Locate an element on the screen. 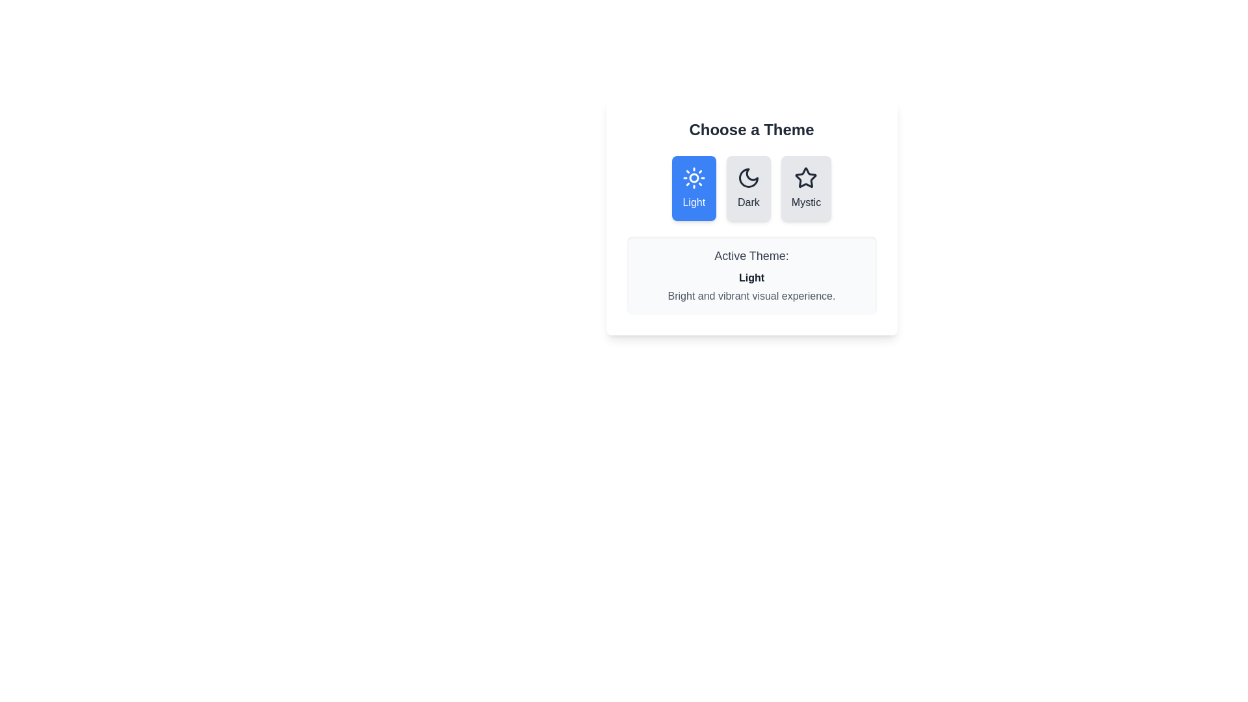  the button labeled Light to select the corresponding theme is located at coordinates (693, 188).